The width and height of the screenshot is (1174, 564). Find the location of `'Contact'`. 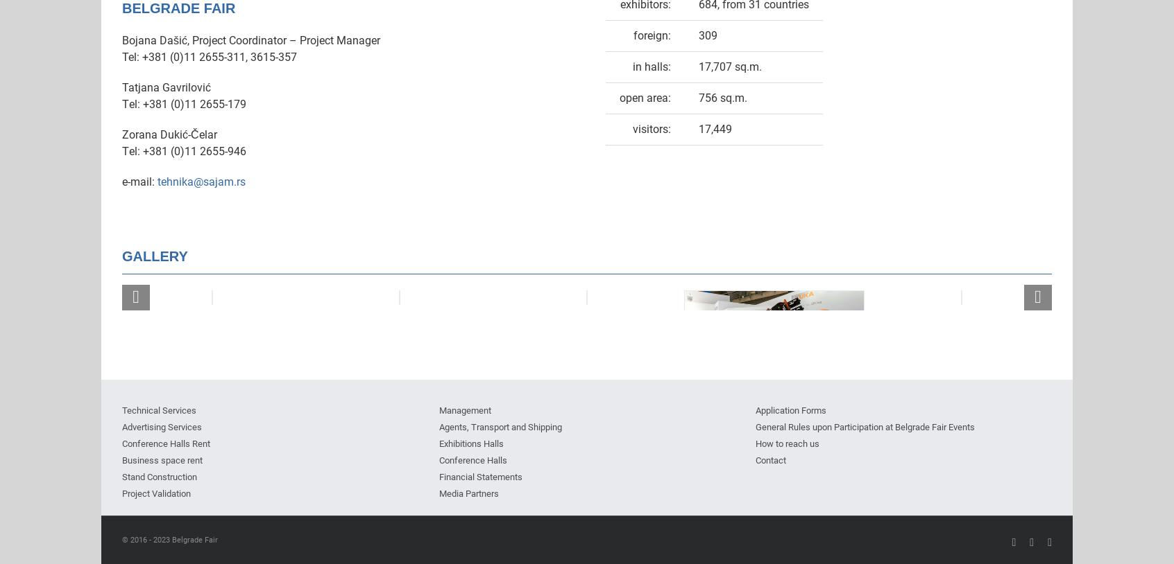

'Contact' is located at coordinates (770, 459).